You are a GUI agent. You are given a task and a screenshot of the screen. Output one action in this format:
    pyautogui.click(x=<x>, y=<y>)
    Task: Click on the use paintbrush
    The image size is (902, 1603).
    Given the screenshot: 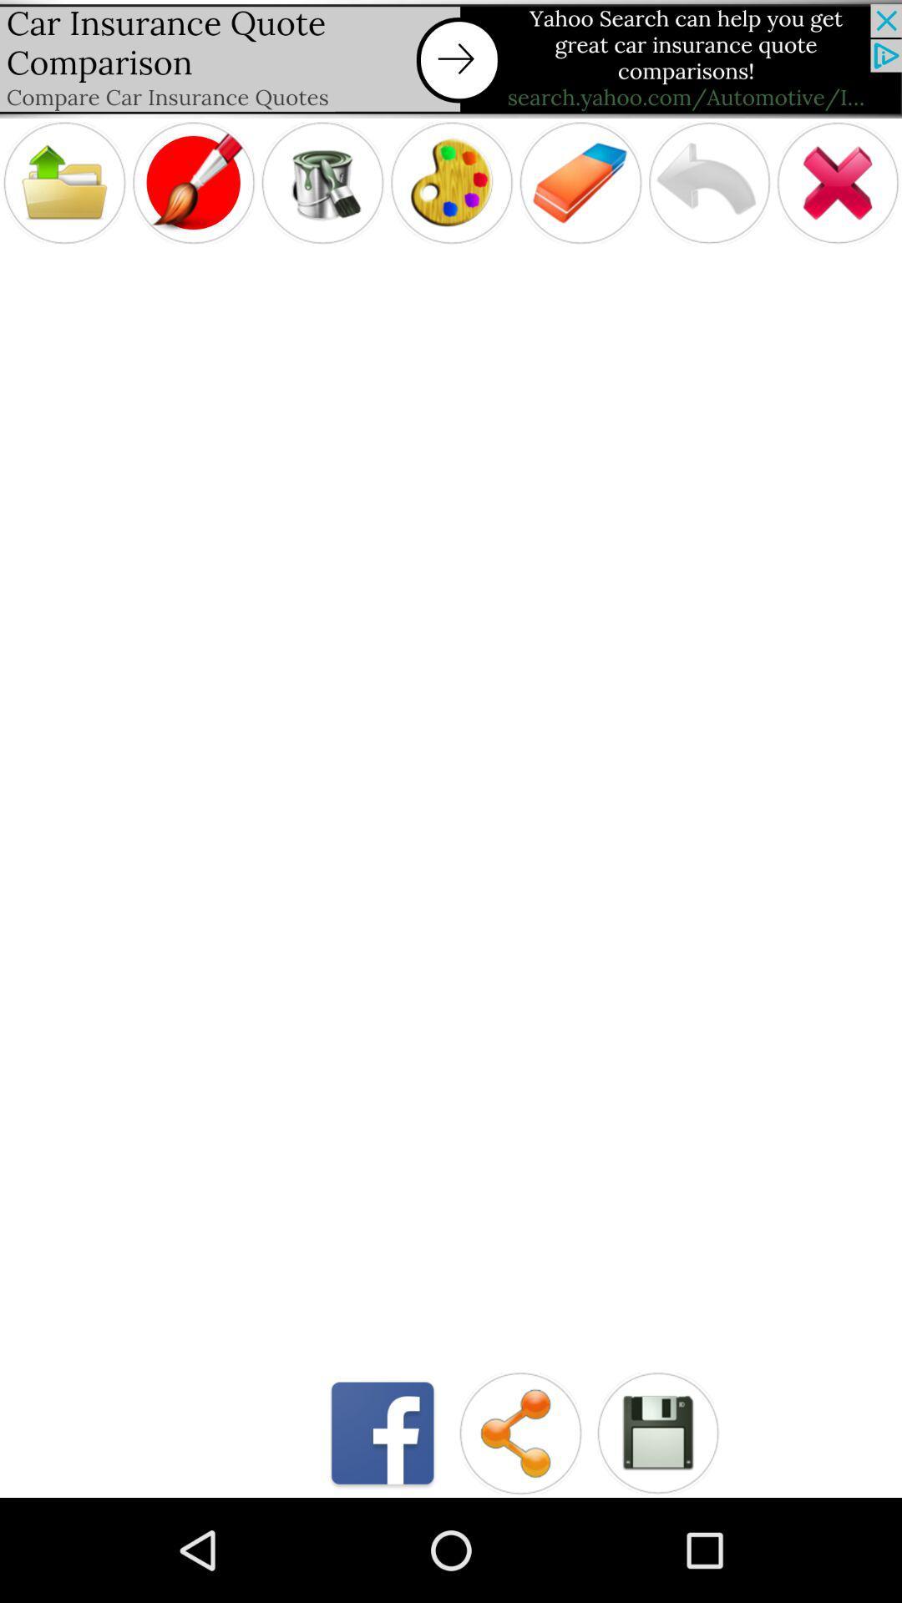 What is the action you would take?
    pyautogui.click(x=192, y=183)
    